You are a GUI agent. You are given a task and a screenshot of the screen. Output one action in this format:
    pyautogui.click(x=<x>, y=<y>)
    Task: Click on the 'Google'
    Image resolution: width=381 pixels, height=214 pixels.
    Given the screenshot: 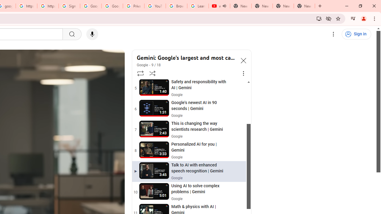 What is the action you would take?
    pyautogui.click(x=142, y=65)
    